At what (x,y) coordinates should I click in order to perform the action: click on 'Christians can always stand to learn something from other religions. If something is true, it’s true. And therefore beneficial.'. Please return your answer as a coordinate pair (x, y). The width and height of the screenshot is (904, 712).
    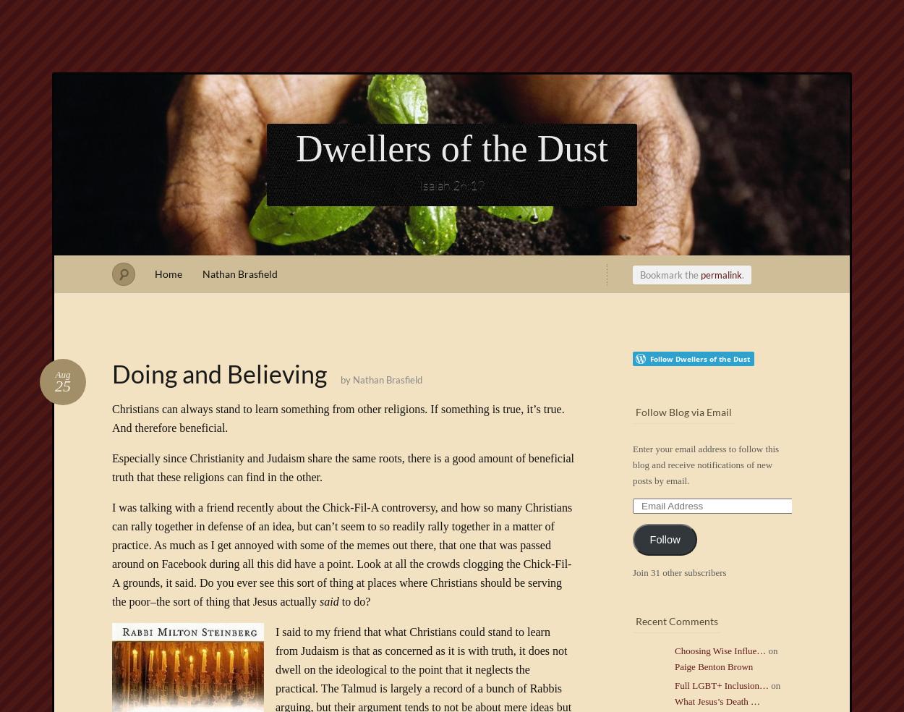
    Looking at the image, I should click on (112, 418).